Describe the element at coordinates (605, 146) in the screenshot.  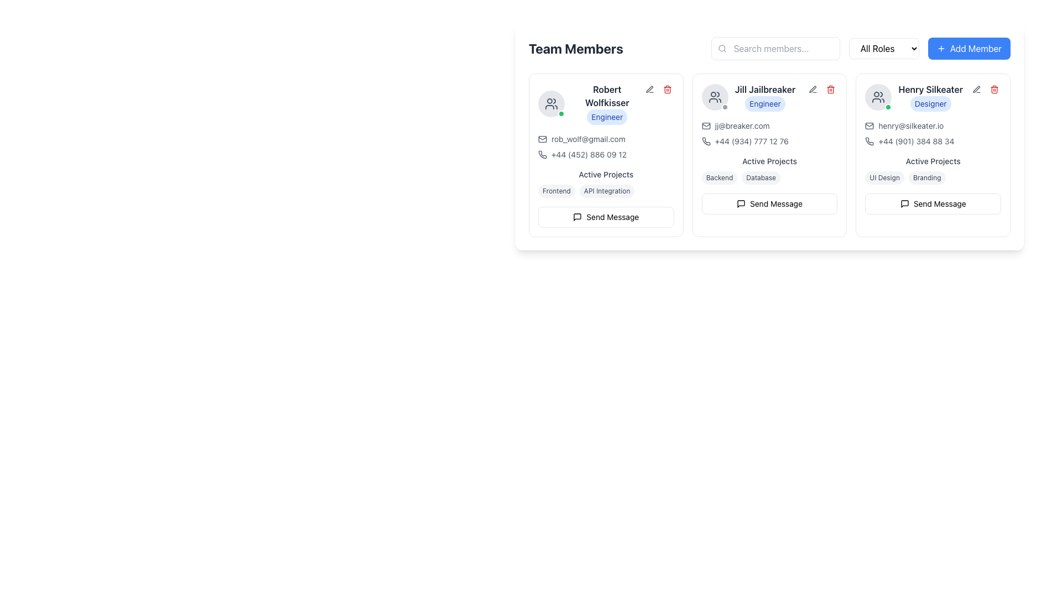
I see `the email address 'rob_wolf@gmail.com' in the informational text of Robert Wolfkisser's card under the 'Team Members' section` at that location.